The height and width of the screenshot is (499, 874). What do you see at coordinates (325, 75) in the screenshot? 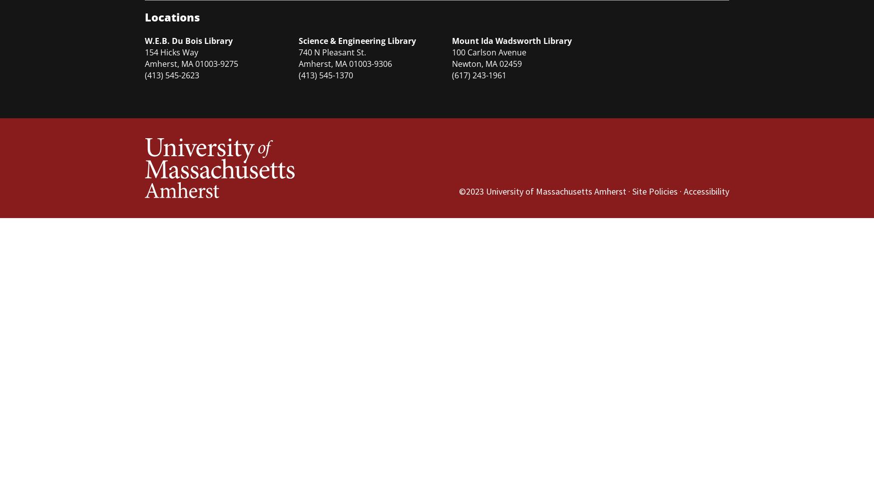
I see `'(413) 545-1370'` at bounding box center [325, 75].